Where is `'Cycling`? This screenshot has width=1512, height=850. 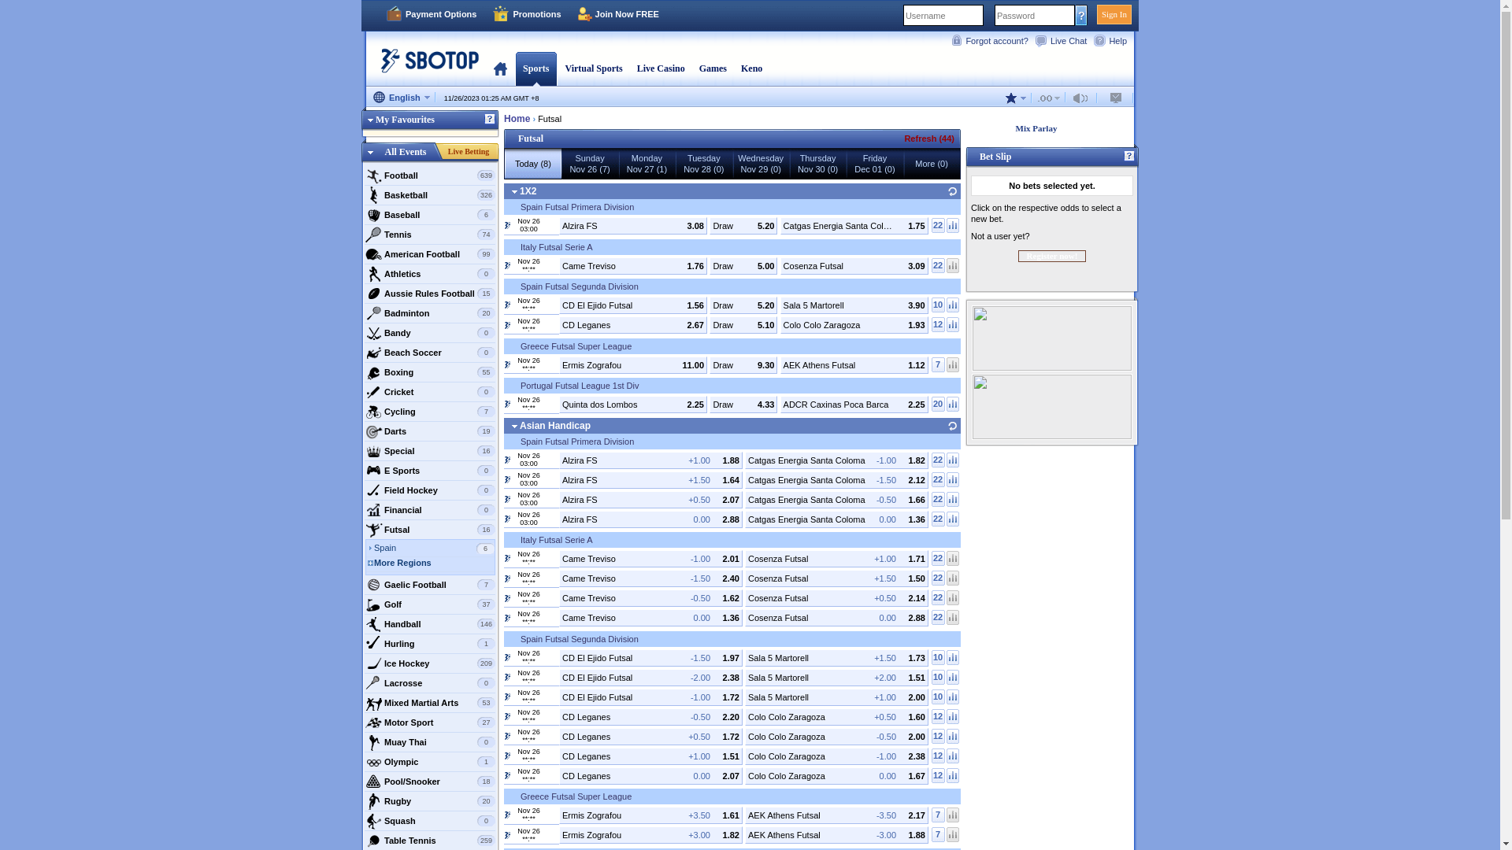 'Cycling is located at coordinates (430, 411).